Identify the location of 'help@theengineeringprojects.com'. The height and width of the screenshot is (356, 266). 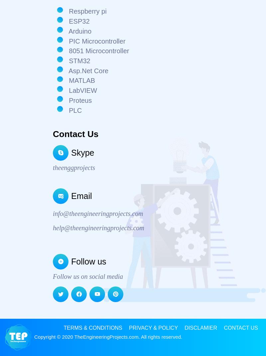
(98, 228).